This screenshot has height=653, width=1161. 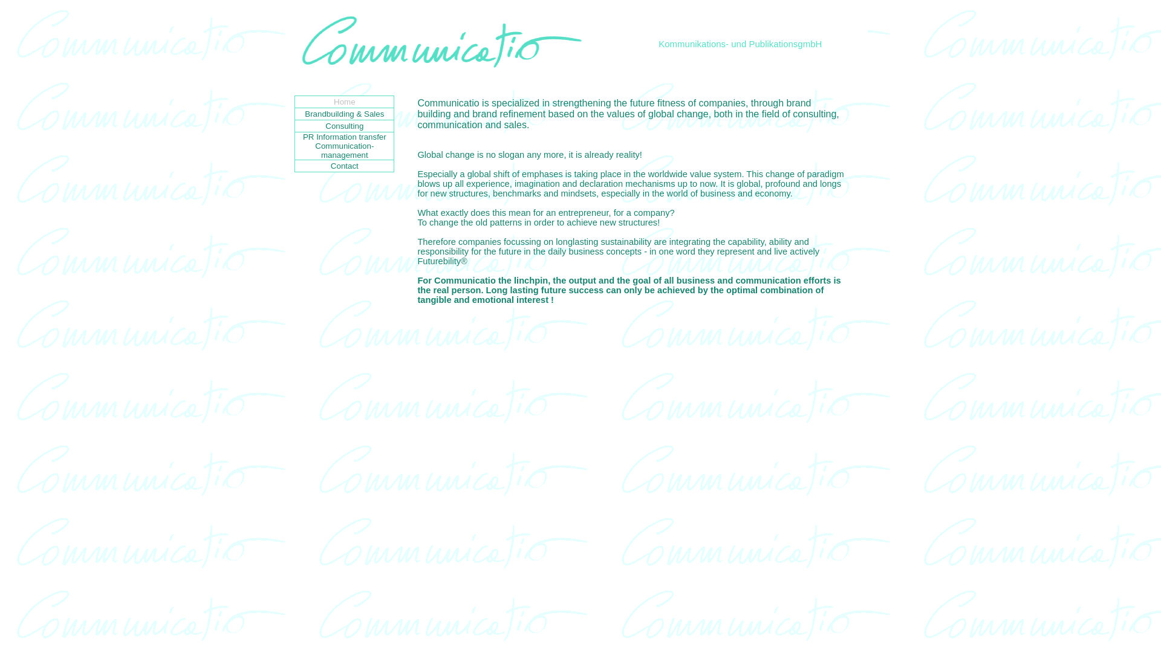 I want to click on 'Home', so click(x=344, y=101).